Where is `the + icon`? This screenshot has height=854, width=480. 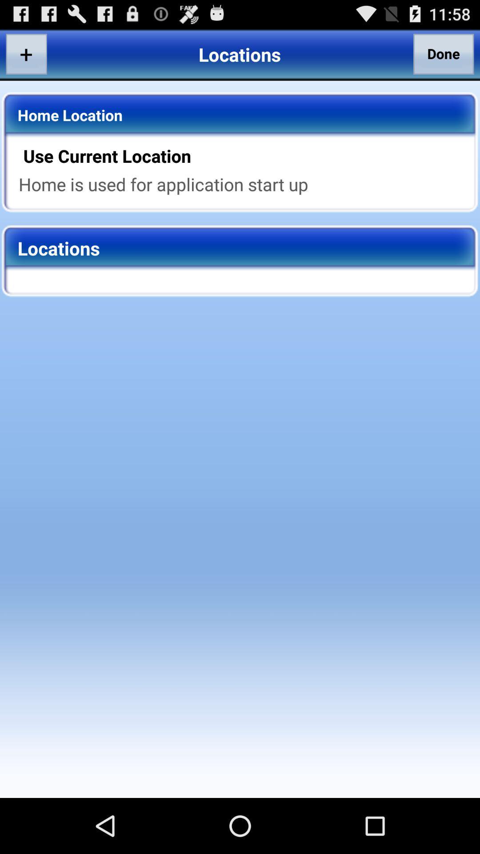 the + icon is located at coordinates (26, 53).